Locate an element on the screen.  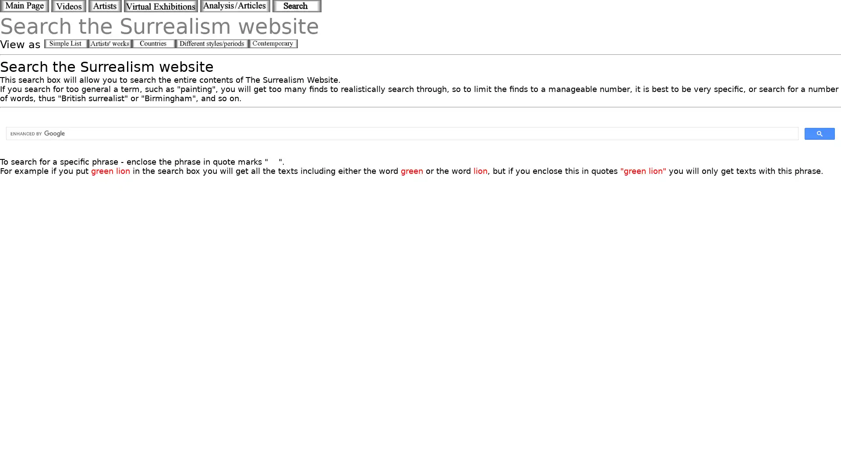
search is located at coordinates (819, 133).